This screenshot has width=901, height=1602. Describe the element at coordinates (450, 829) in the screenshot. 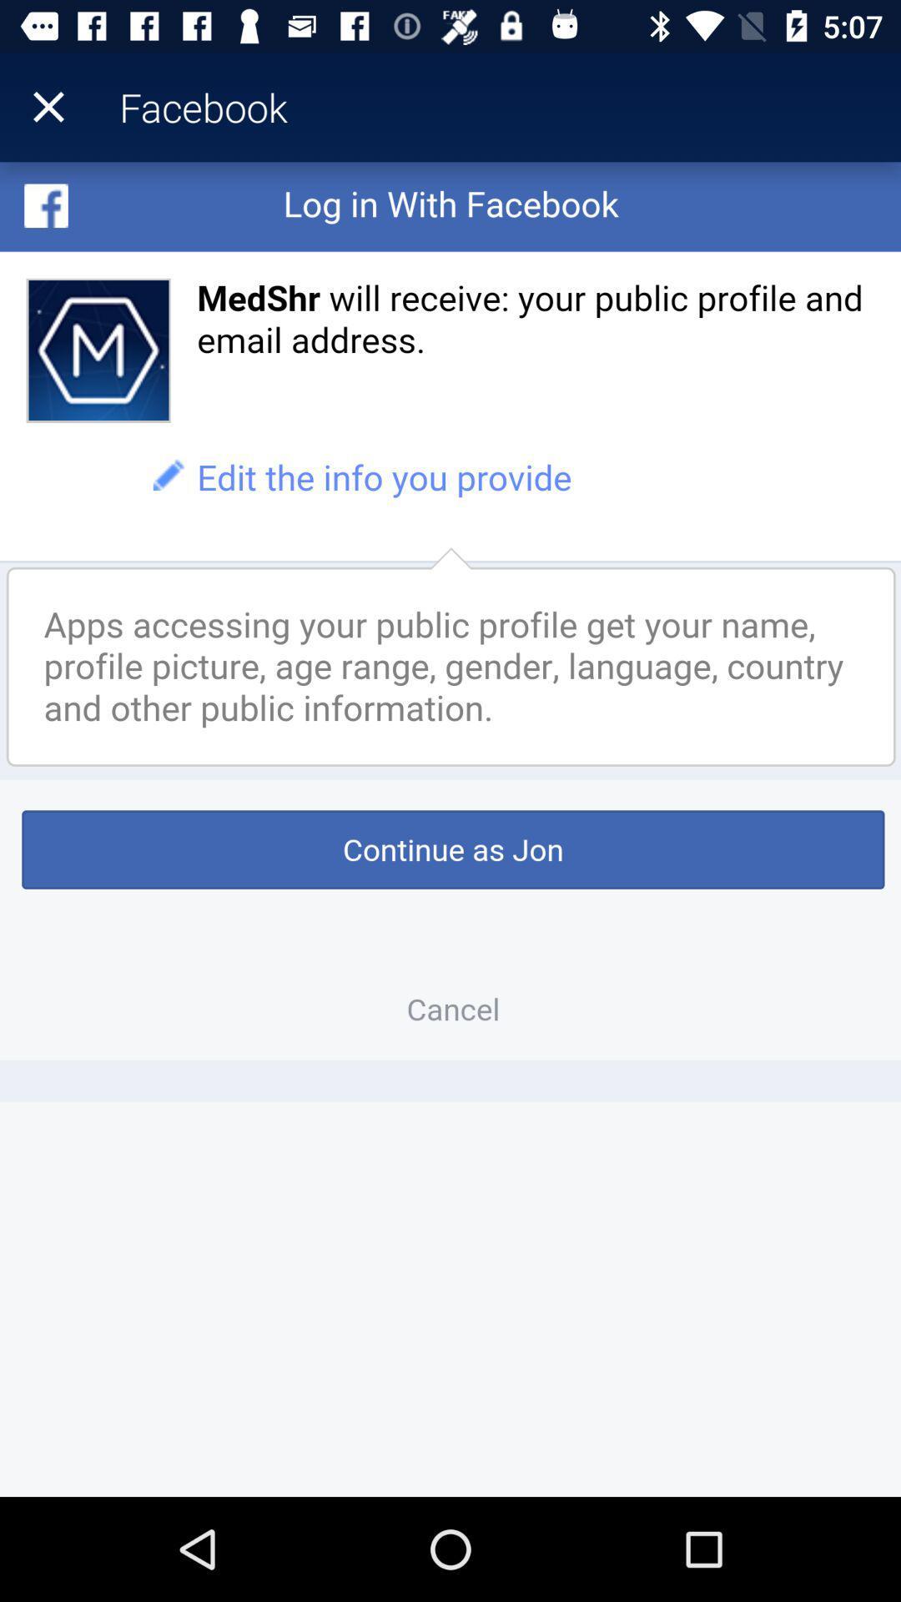

I see `login in to facebook page` at that location.